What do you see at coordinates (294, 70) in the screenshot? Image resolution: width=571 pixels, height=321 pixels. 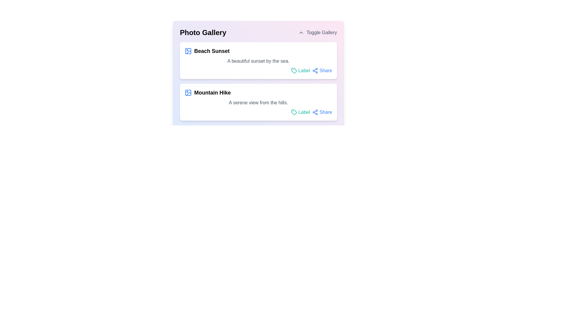 I see `the icon element with a teal-colored outline that resembles a tag, located to the left of the text 'Label' in the 'Beach Sunset' section` at bounding box center [294, 70].